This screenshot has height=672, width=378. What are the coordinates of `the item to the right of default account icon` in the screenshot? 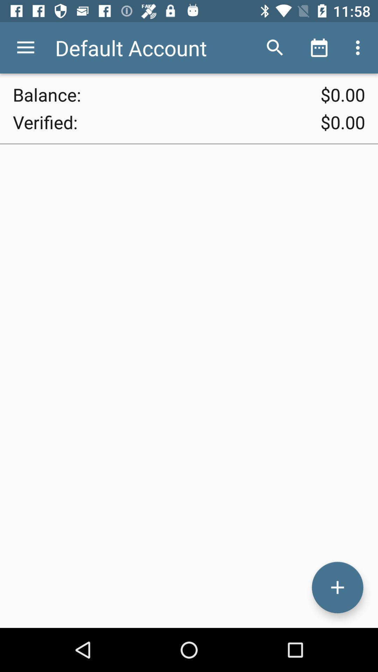 It's located at (275, 47).